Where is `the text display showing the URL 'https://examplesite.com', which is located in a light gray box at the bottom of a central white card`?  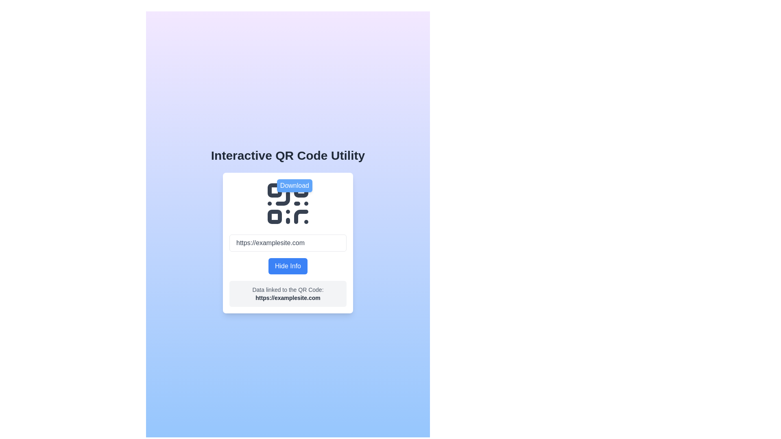 the text display showing the URL 'https://examplesite.com', which is located in a light gray box at the bottom of a central white card is located at coordinates (288, 298).